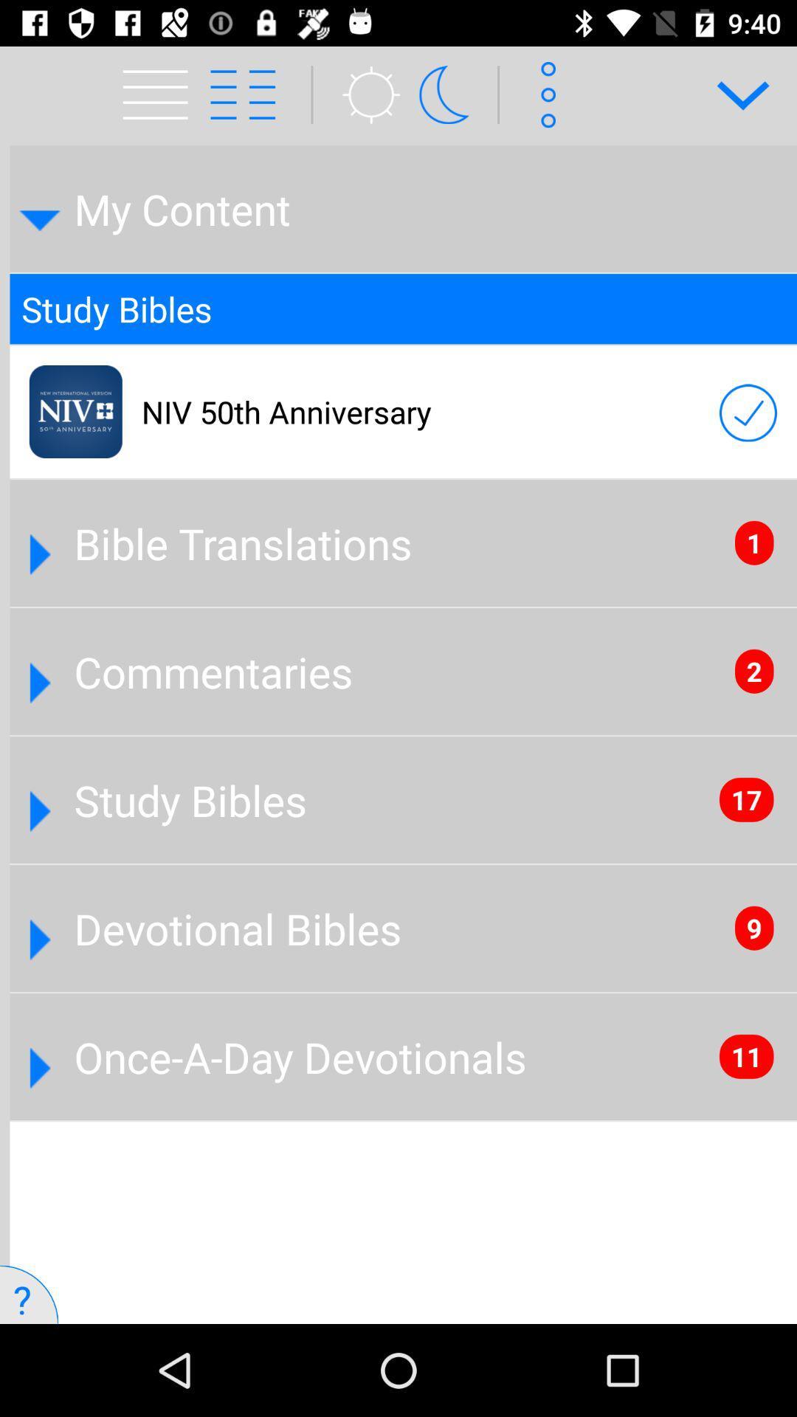 Image resolution: width=797 pixels, height=1417 pixels. What do you see at coordinates (146, 77) in the screenshot?
I see `the menu icon` at bounding box center [146, 77].